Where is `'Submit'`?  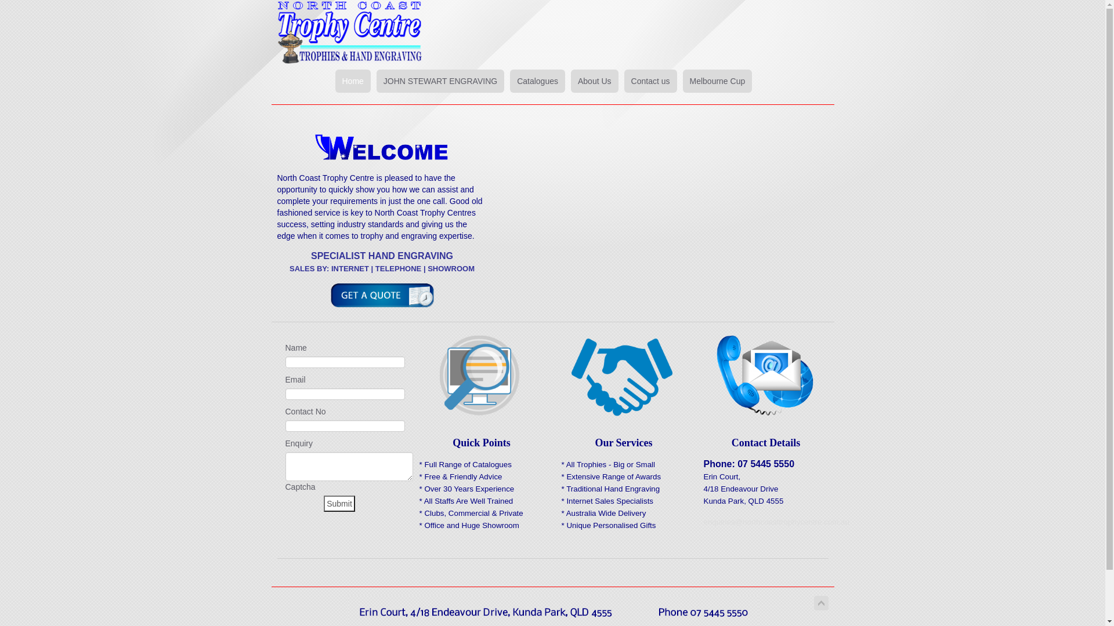 'Submit' is located at coordinates (323, 503).